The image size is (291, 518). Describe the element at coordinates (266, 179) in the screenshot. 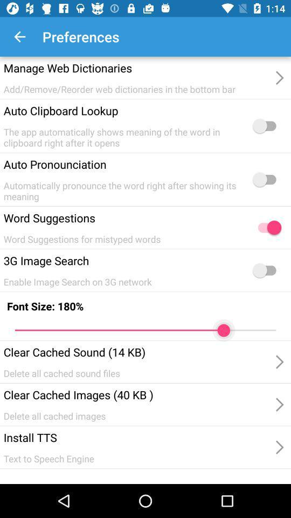

I see `auto pronoucnciation` at that location.